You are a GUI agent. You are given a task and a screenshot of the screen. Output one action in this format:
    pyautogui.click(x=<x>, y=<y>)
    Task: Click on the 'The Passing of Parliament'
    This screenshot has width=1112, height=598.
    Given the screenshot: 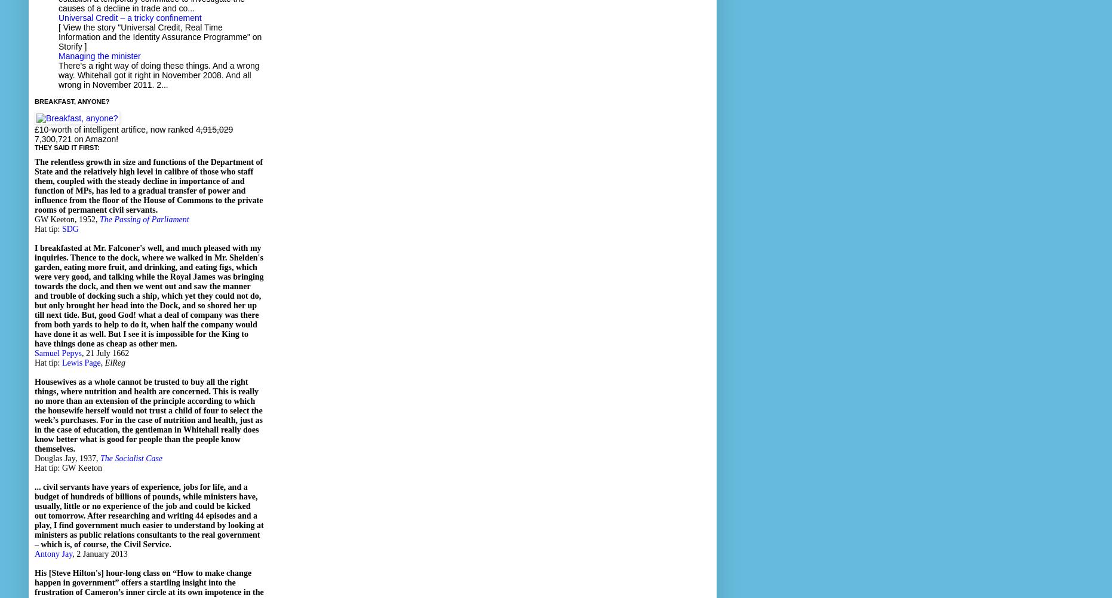 What is the action you would take?
    pyautogui.click(x=144, y=219)
    